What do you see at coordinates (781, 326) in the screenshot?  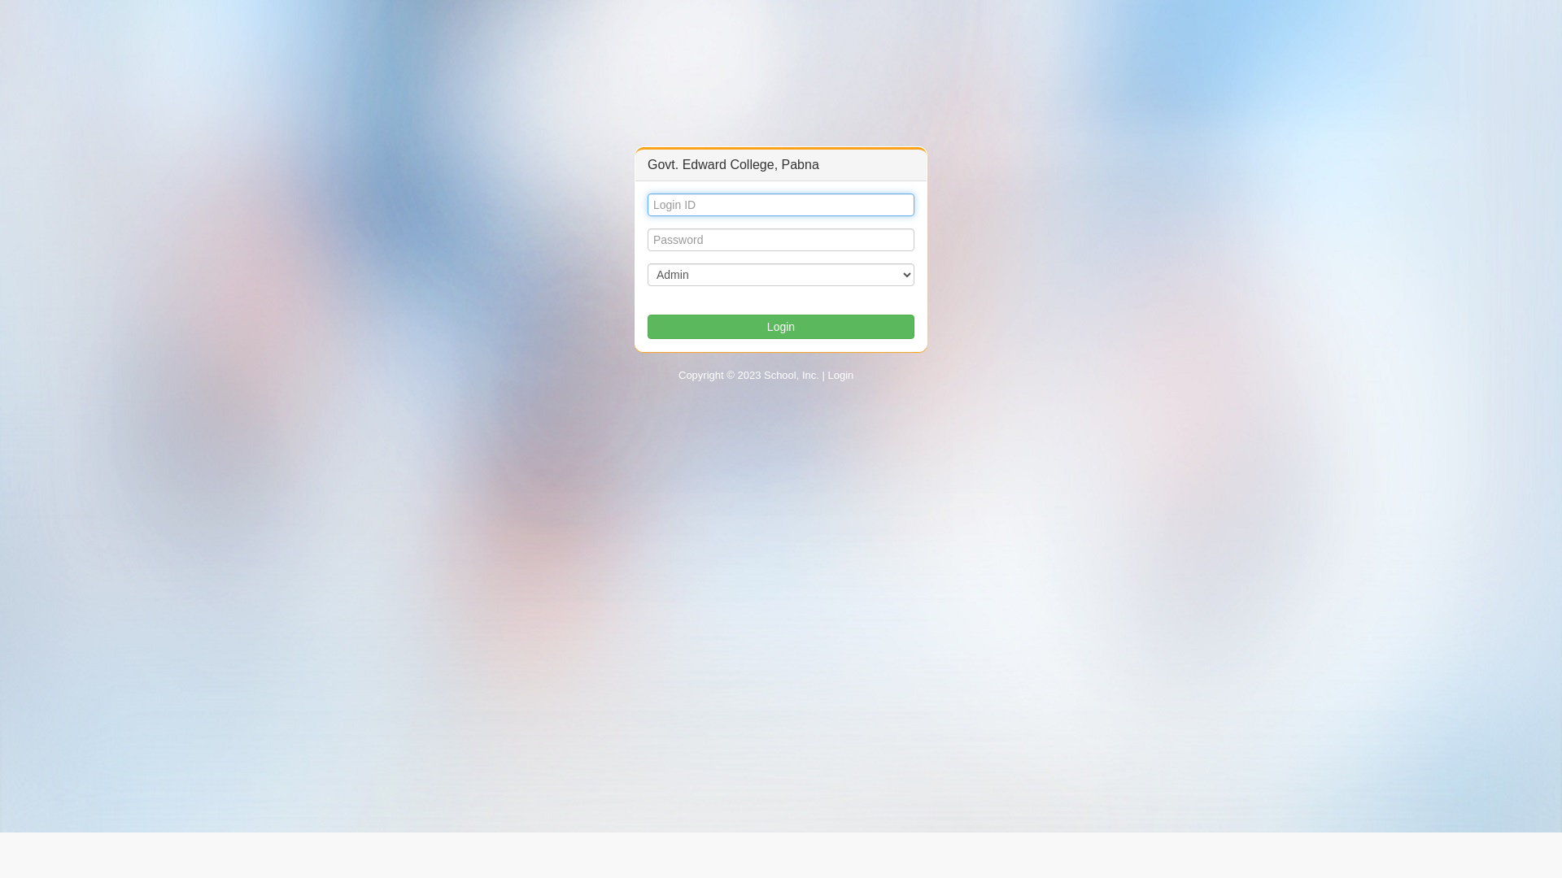 I see `'Login'` at bounding box center [781, 326].